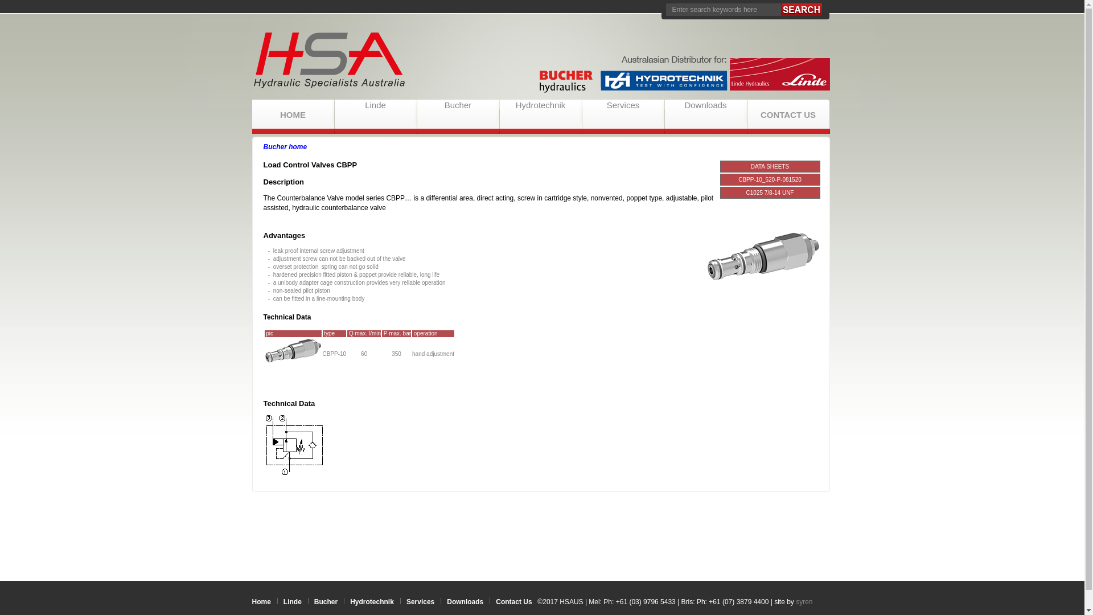 The image size is (1093, 615). What do you see at coordinates (513, 601) in the screenshot?
I see `'Contact Us'` at bounding box center [513, 601].